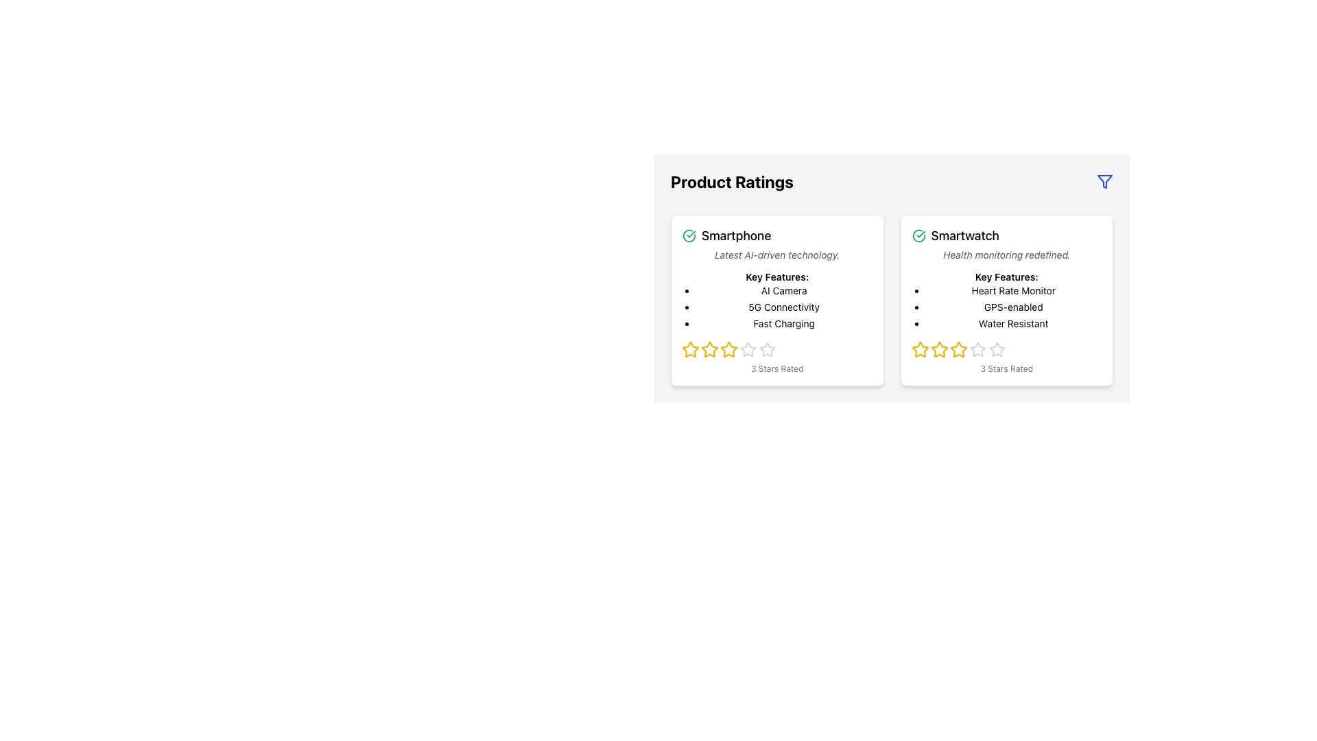 Image resolution: width=1317 pixels, height=741 pixels. Describe the element at coordinates (1006, 255) in the screenshot. I see `the static text element that provides a descriptive tagline for the 'Smartwatch' product, located below the main title 'Smartwatch' and above the section 'Key Features'` at that location.